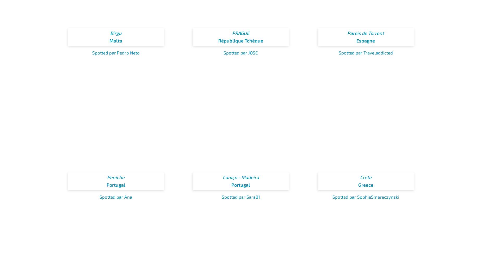 The width and height of the screenshot is (482, 280). Describe the element at coordinates (241, 40) in the screenshot. I see `'République Tchèque'` at that location.